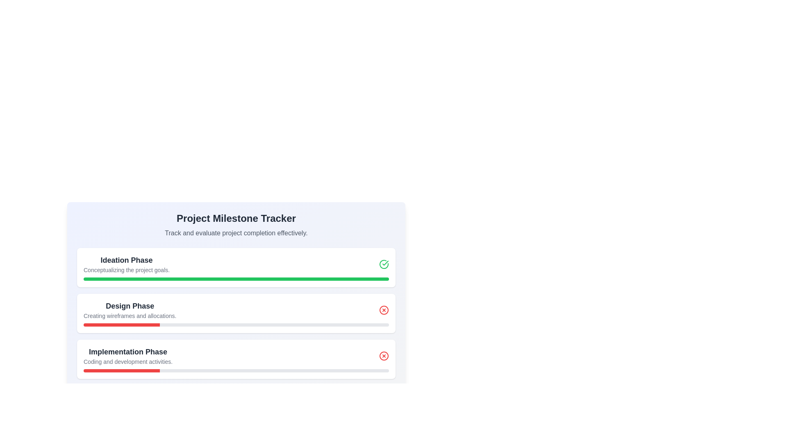 The width and height of the screenshot is (787, 442). What do you see at coordinates (121, 325) in the screenshot?
I see `the Progress bar indicator that visually represents the completion status of the 'Design Phase' task, located below the title 'Design Phase' and its descriptive text 'Creating wireframes and allocations.'` at bounding box center [121, 325].